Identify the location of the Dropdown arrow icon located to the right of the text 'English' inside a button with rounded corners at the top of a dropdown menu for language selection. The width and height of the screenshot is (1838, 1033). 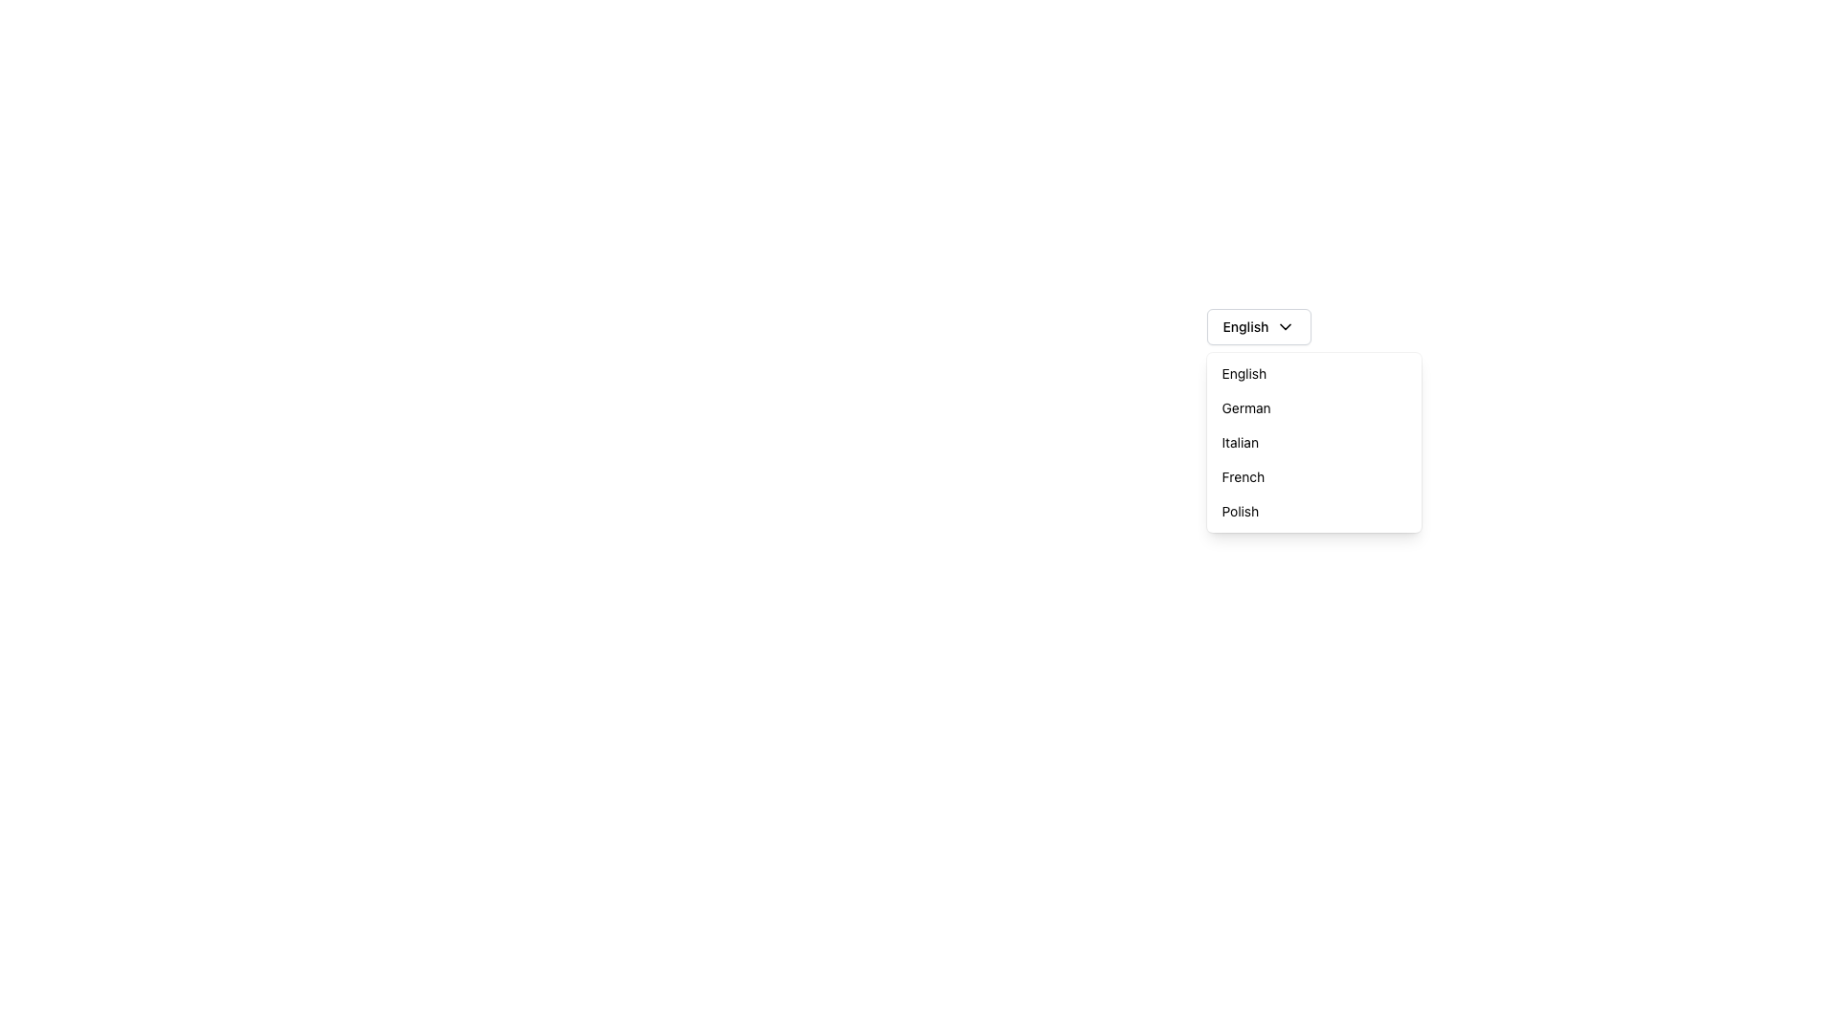
(1286, 326).